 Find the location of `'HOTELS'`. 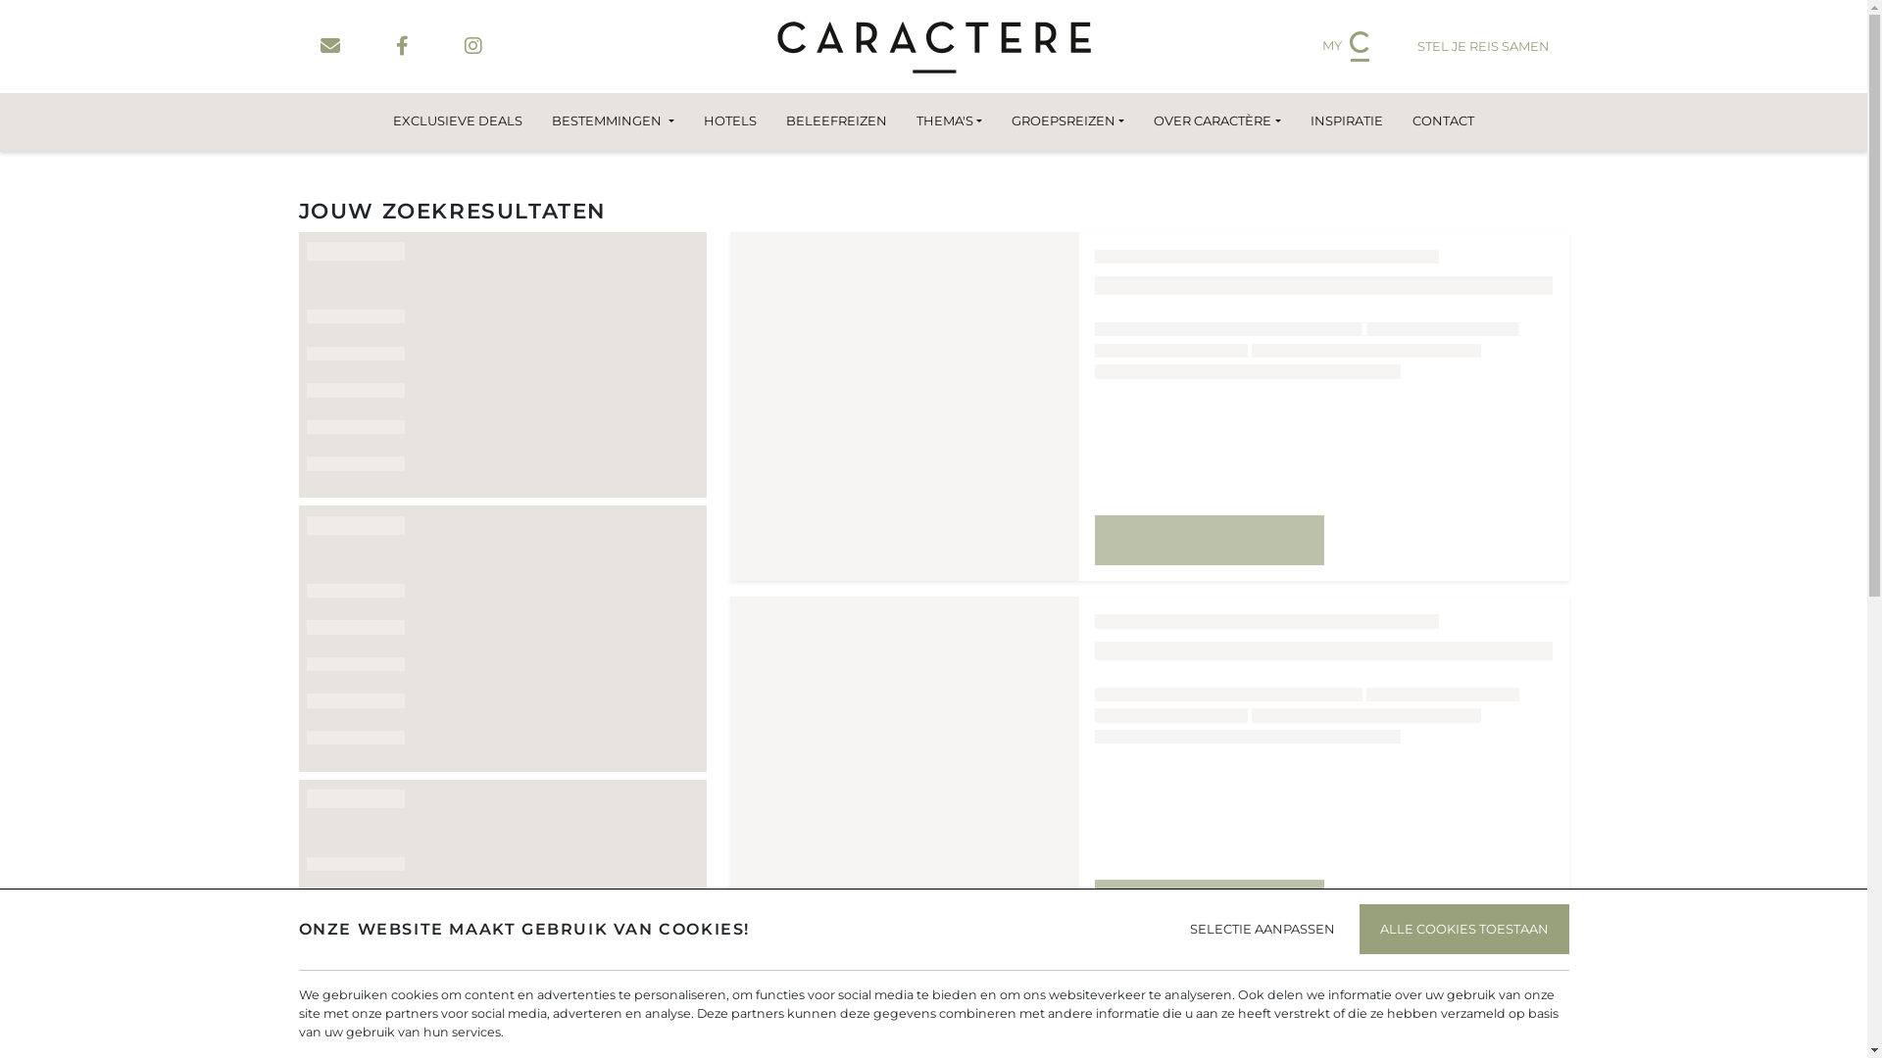

'HOTELS' is located at coordinates (728, 120).